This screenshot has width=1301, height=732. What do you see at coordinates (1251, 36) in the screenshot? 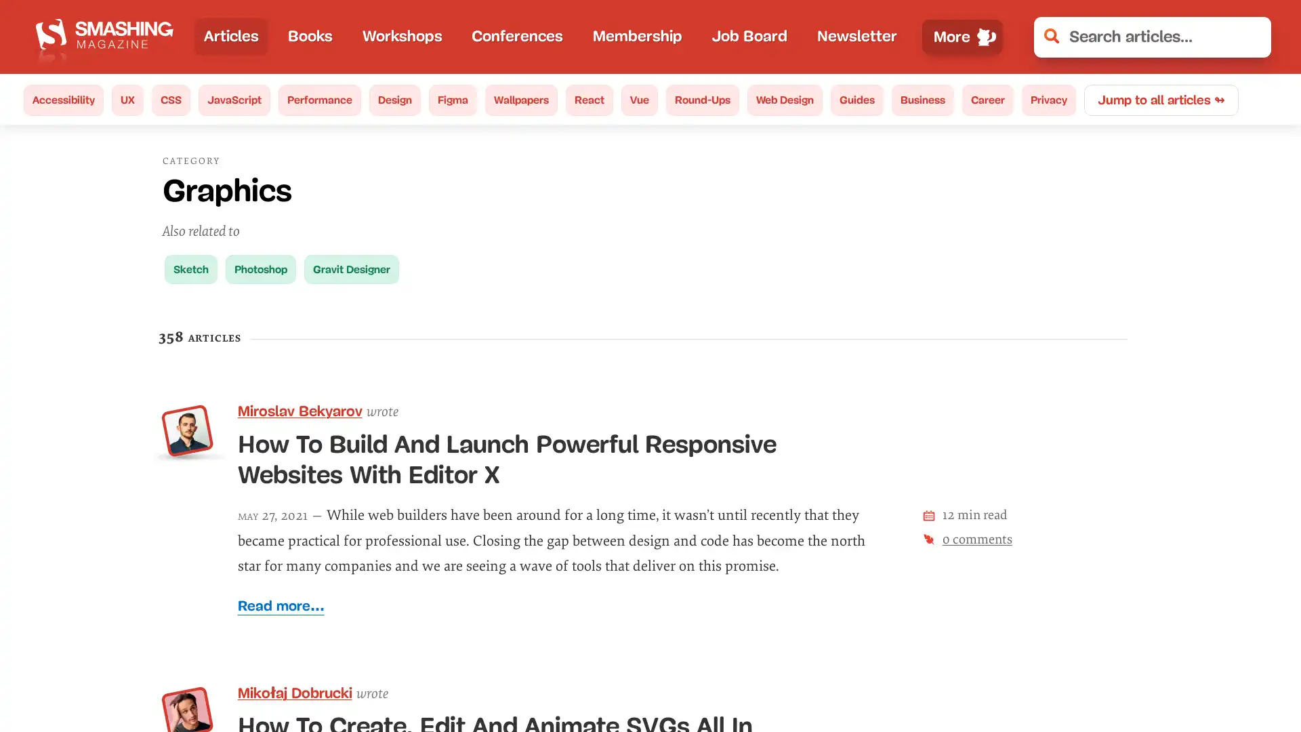
I see `Clear Search` at bounding box center [1251, 36].